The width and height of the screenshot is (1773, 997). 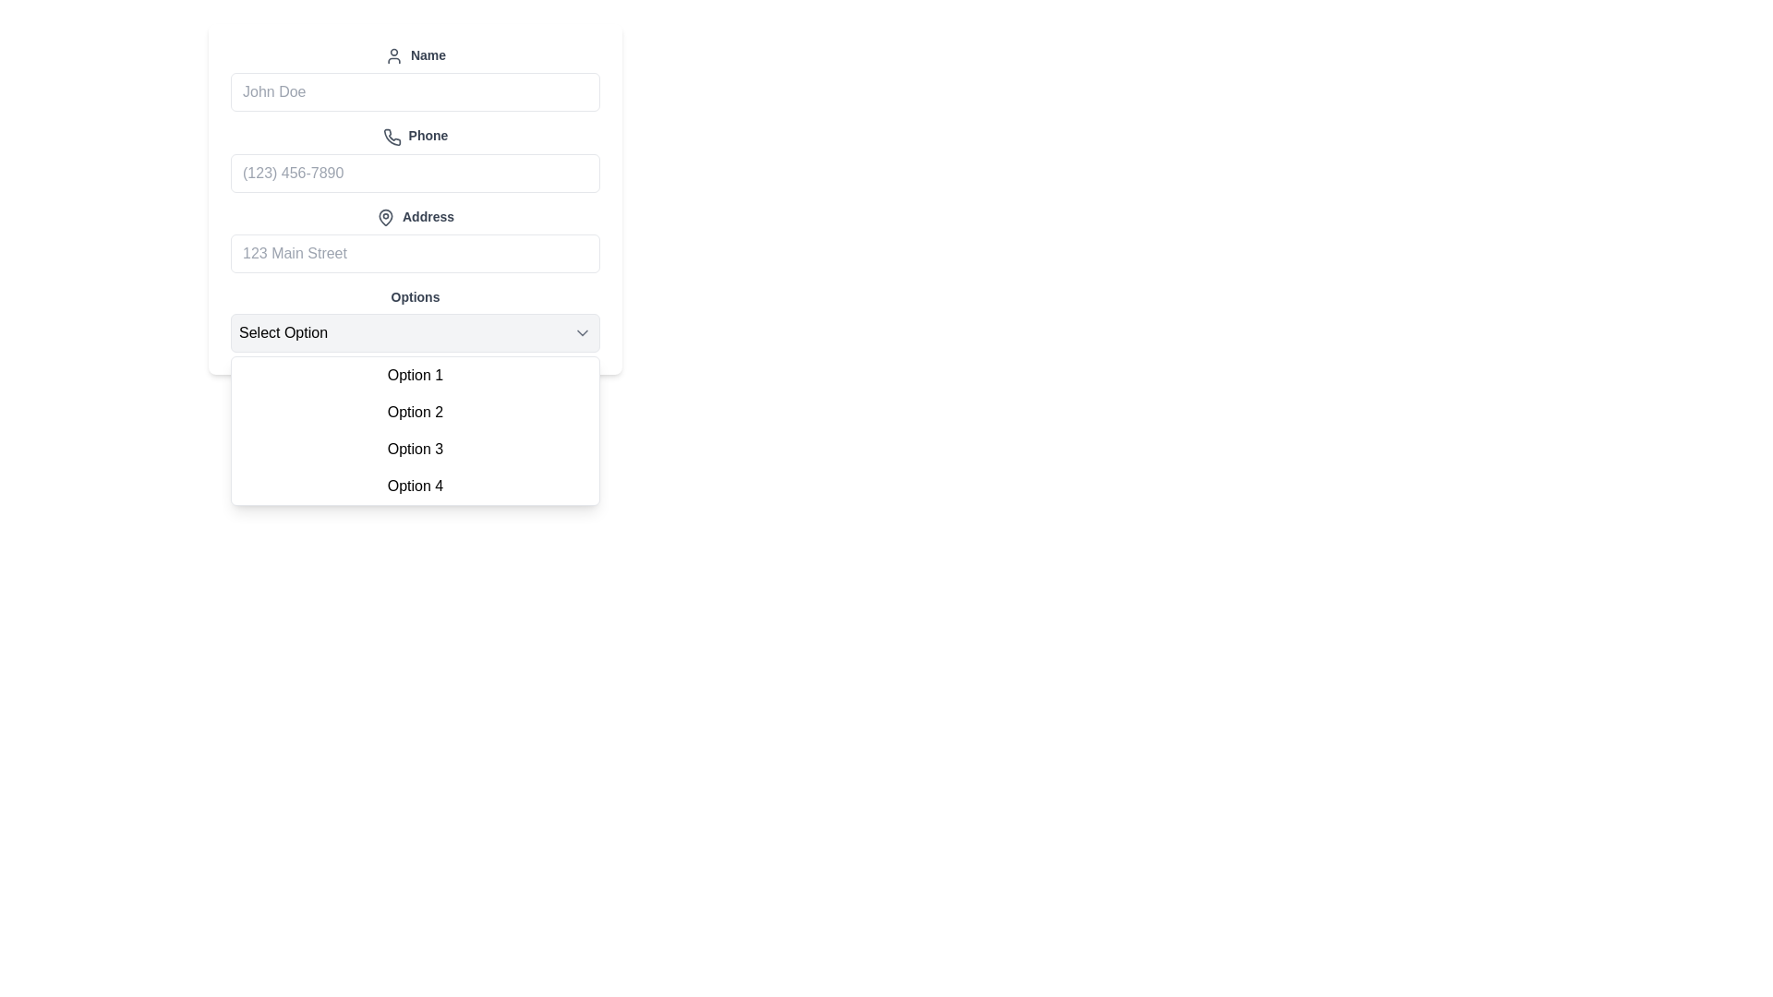 I want to click on the first item in the dropdown menu located directly below the 'Select Option' button, so click(x=415, y=374).